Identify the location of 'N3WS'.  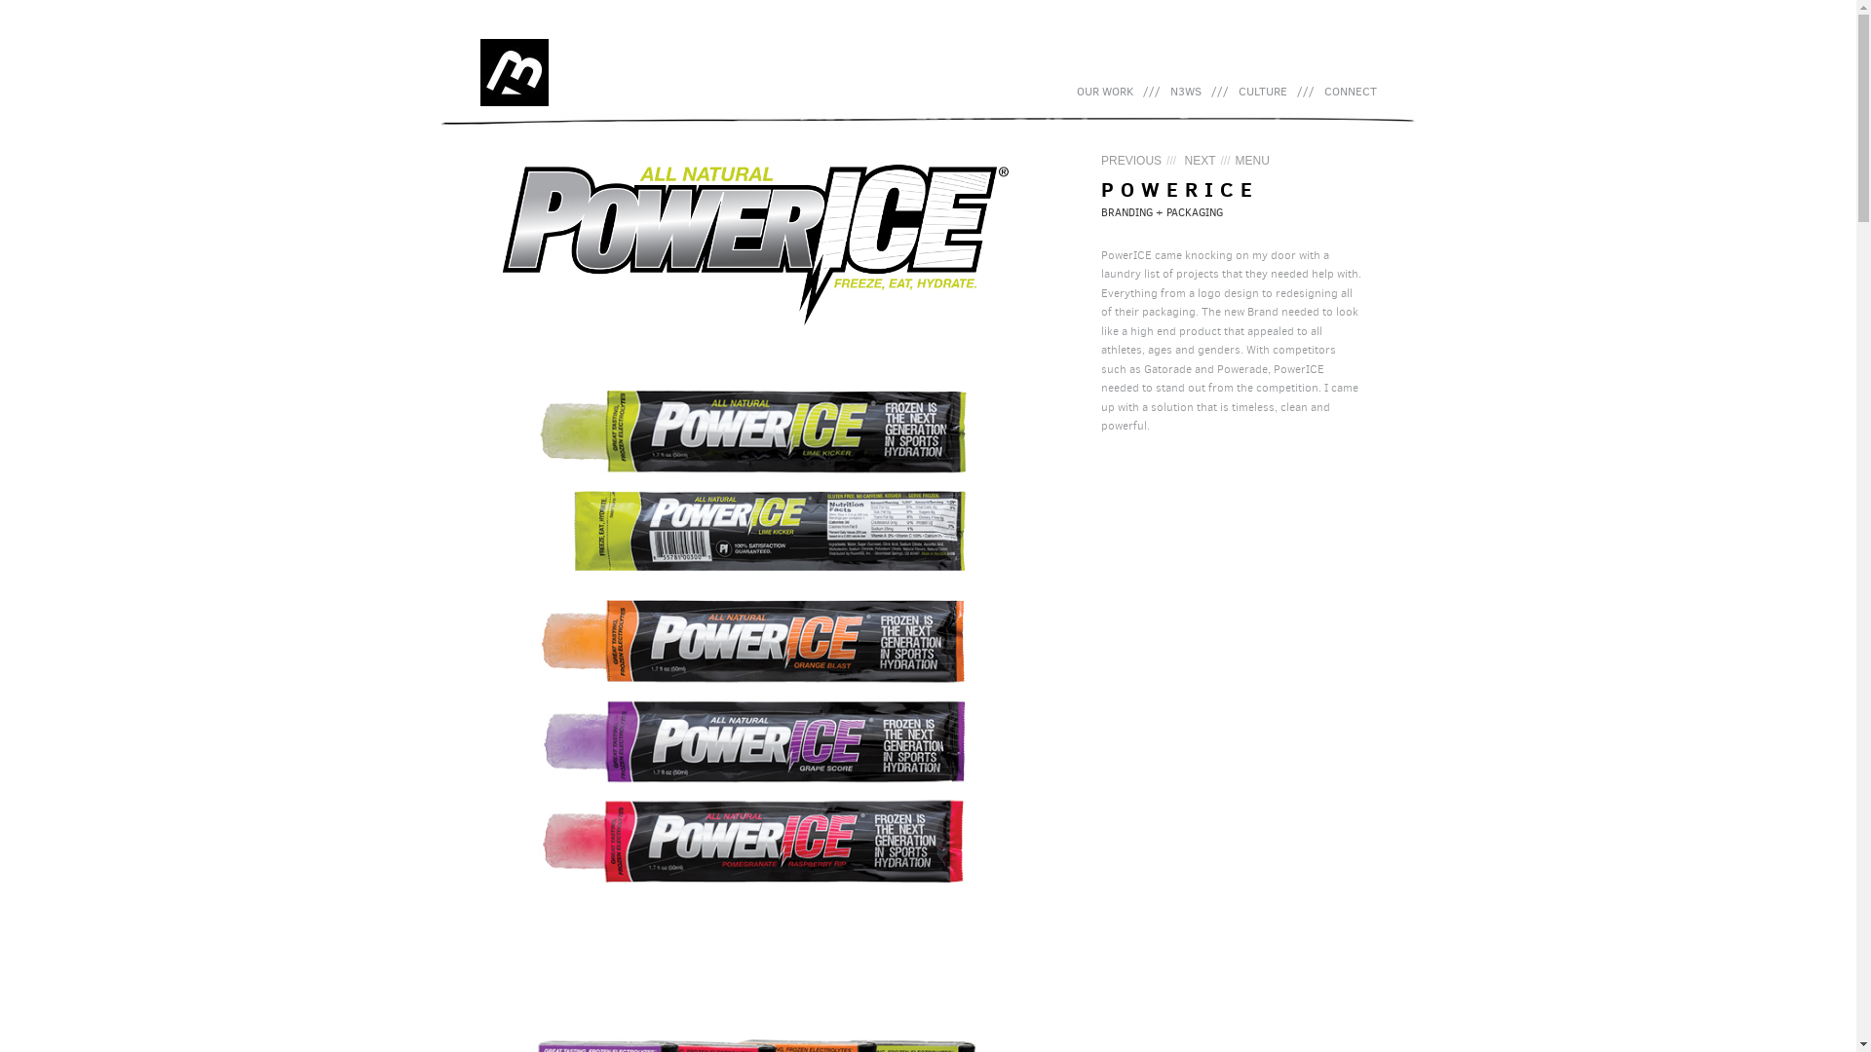
(1185, 93).